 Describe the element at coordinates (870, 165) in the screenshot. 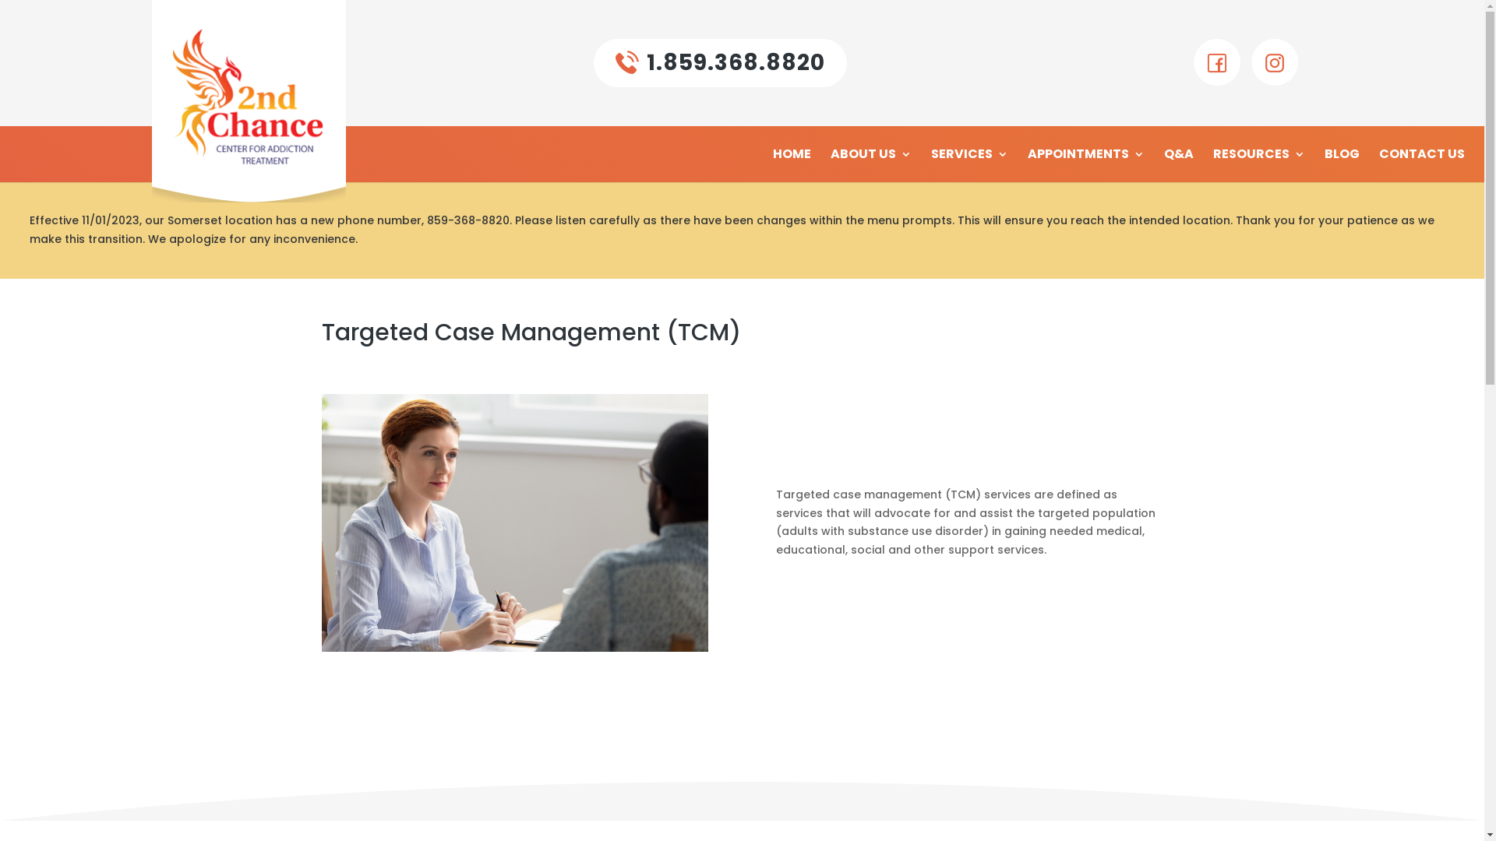

I see `'ABOUT US'` at that location.